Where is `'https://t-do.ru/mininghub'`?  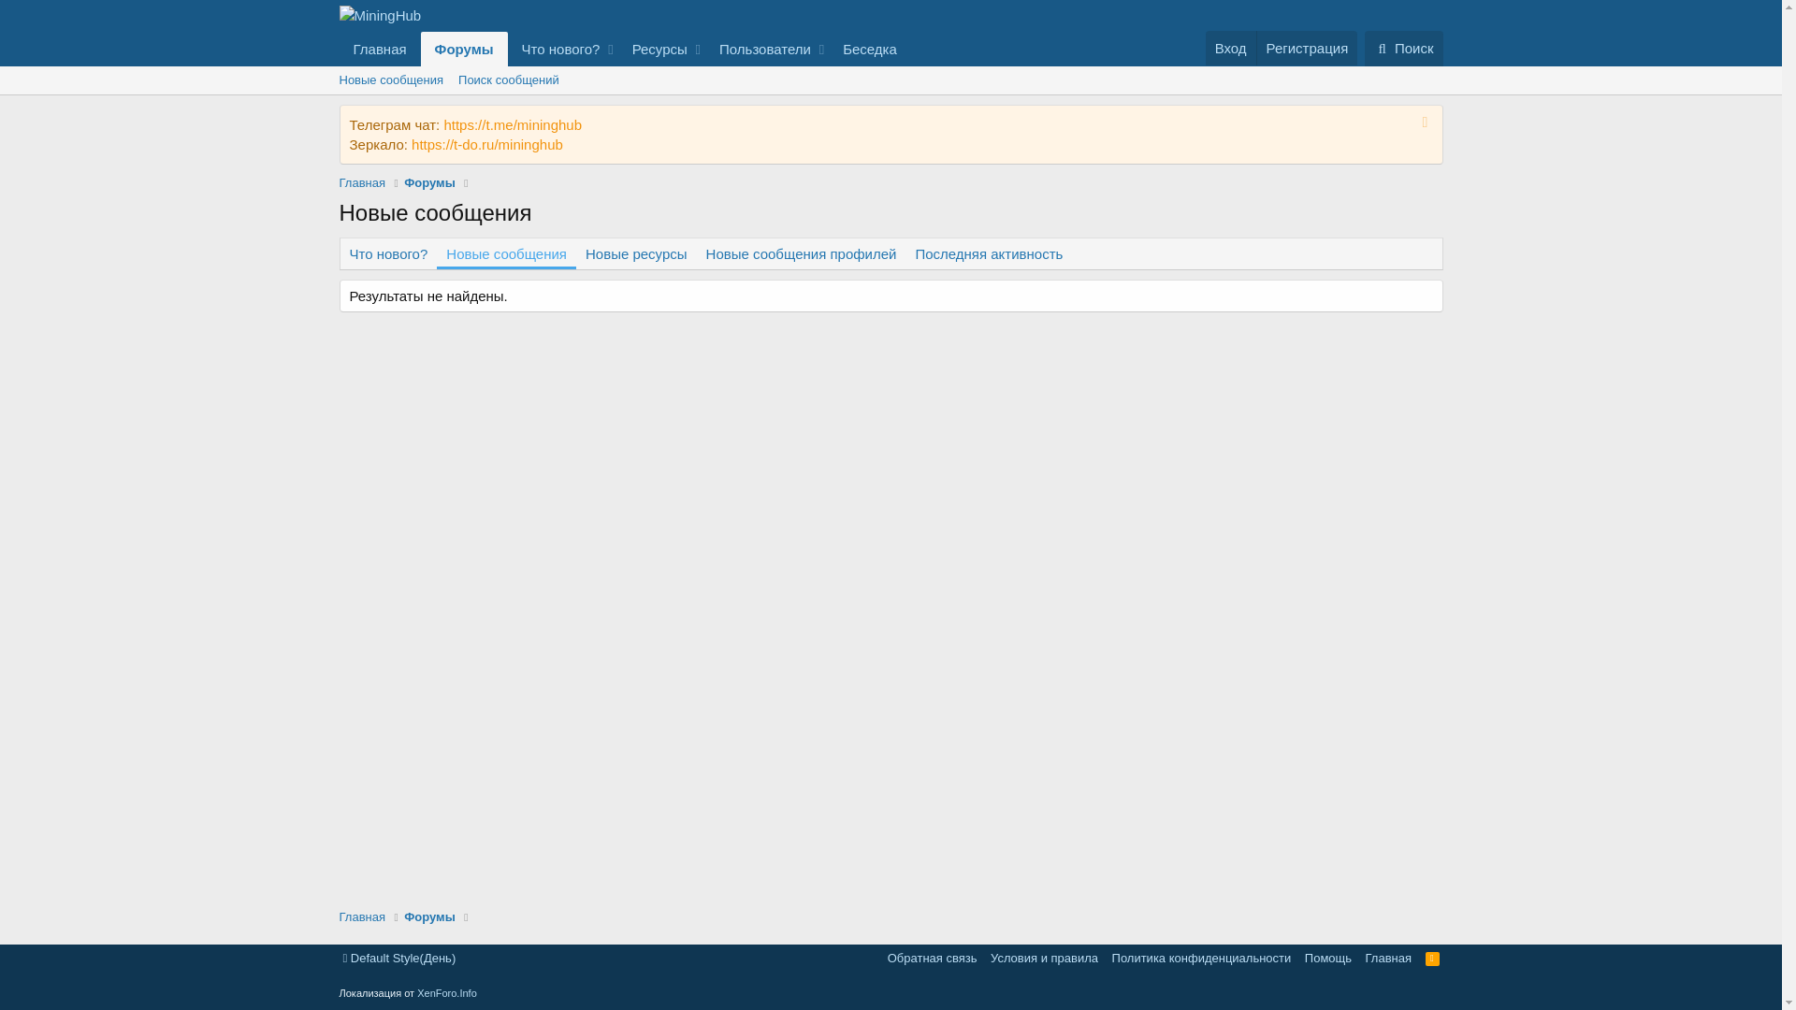 'https://t-do.ru/mininghub' is located at coordinates (411, 143).